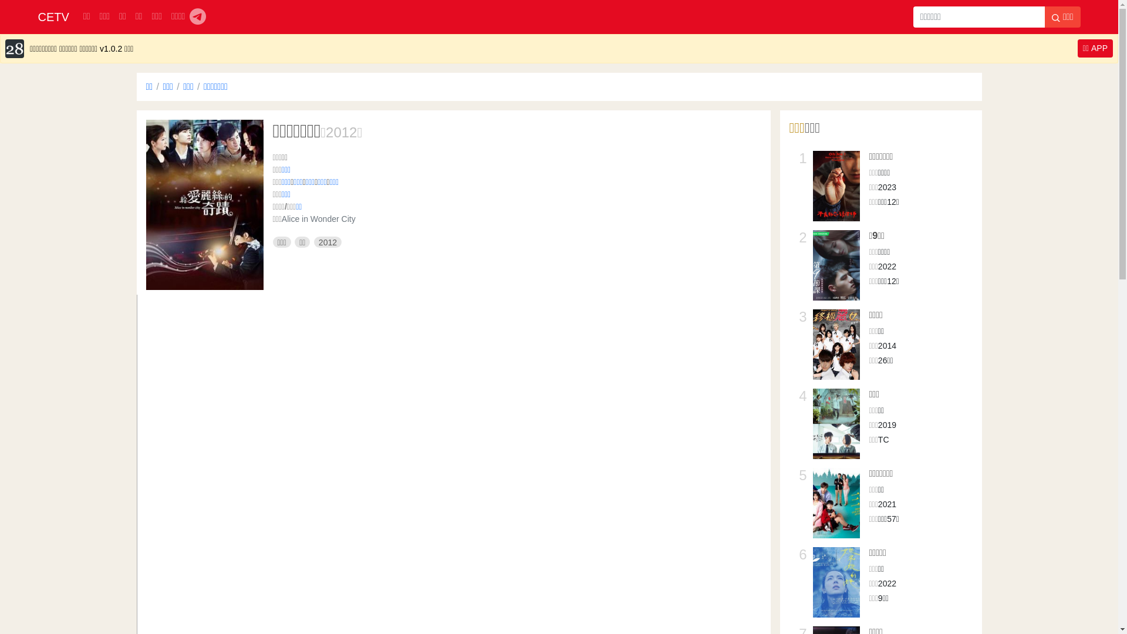 This screenshot has height=634, width=1127. What do you see at coordinates (52, 17) in the screenshot?
I see `'CETV'` at bounding box center [52, 17].